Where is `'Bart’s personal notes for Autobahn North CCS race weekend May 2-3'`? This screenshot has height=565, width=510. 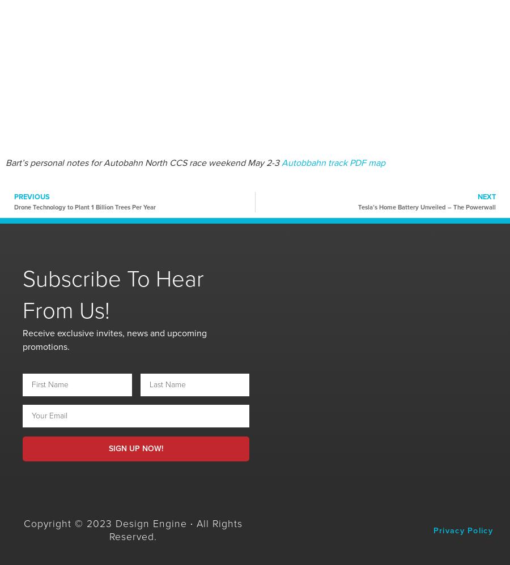
'Bart’s personal notes for Autobahn North CCS race weekend May 2-3' is located at coordinates (143, 162).